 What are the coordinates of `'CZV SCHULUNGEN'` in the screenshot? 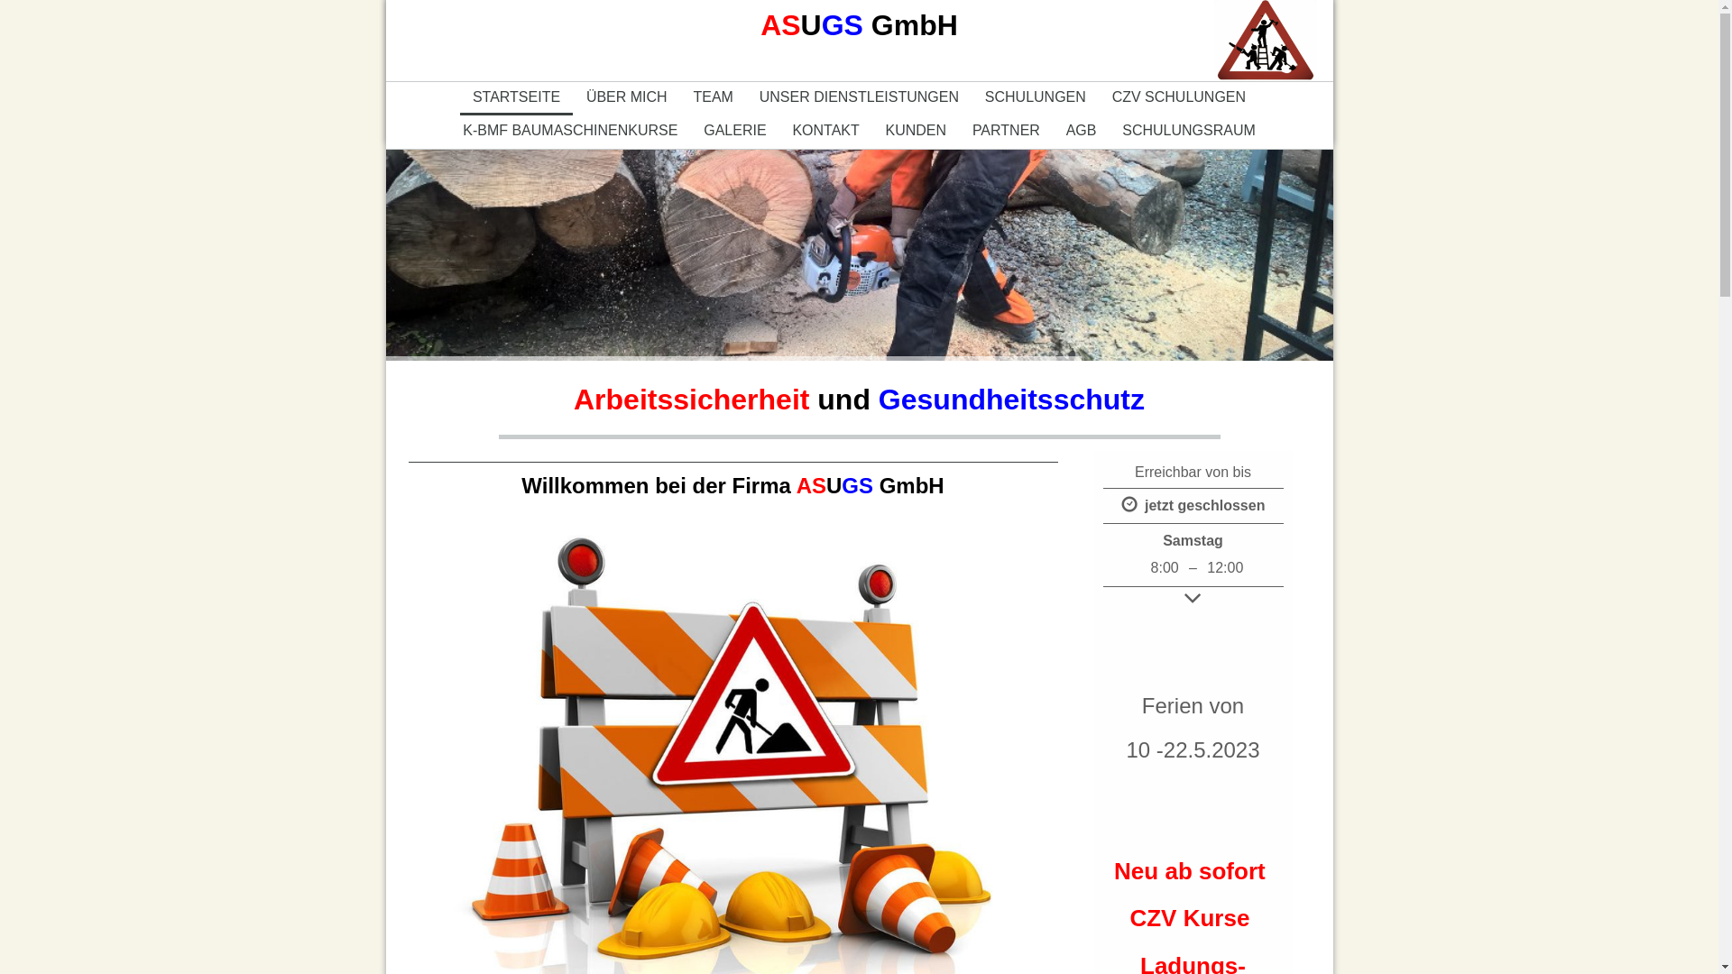 It's located at (1178, 97).